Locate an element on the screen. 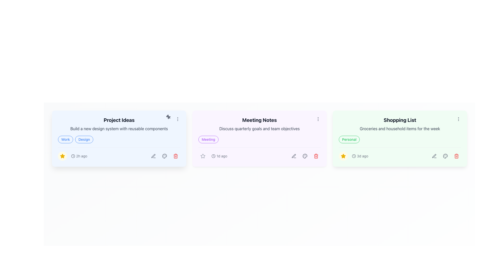  the vertical ellipsis button located in the top-right corner of the 'Meeting Notes' card is located at coordinates (318, 119).